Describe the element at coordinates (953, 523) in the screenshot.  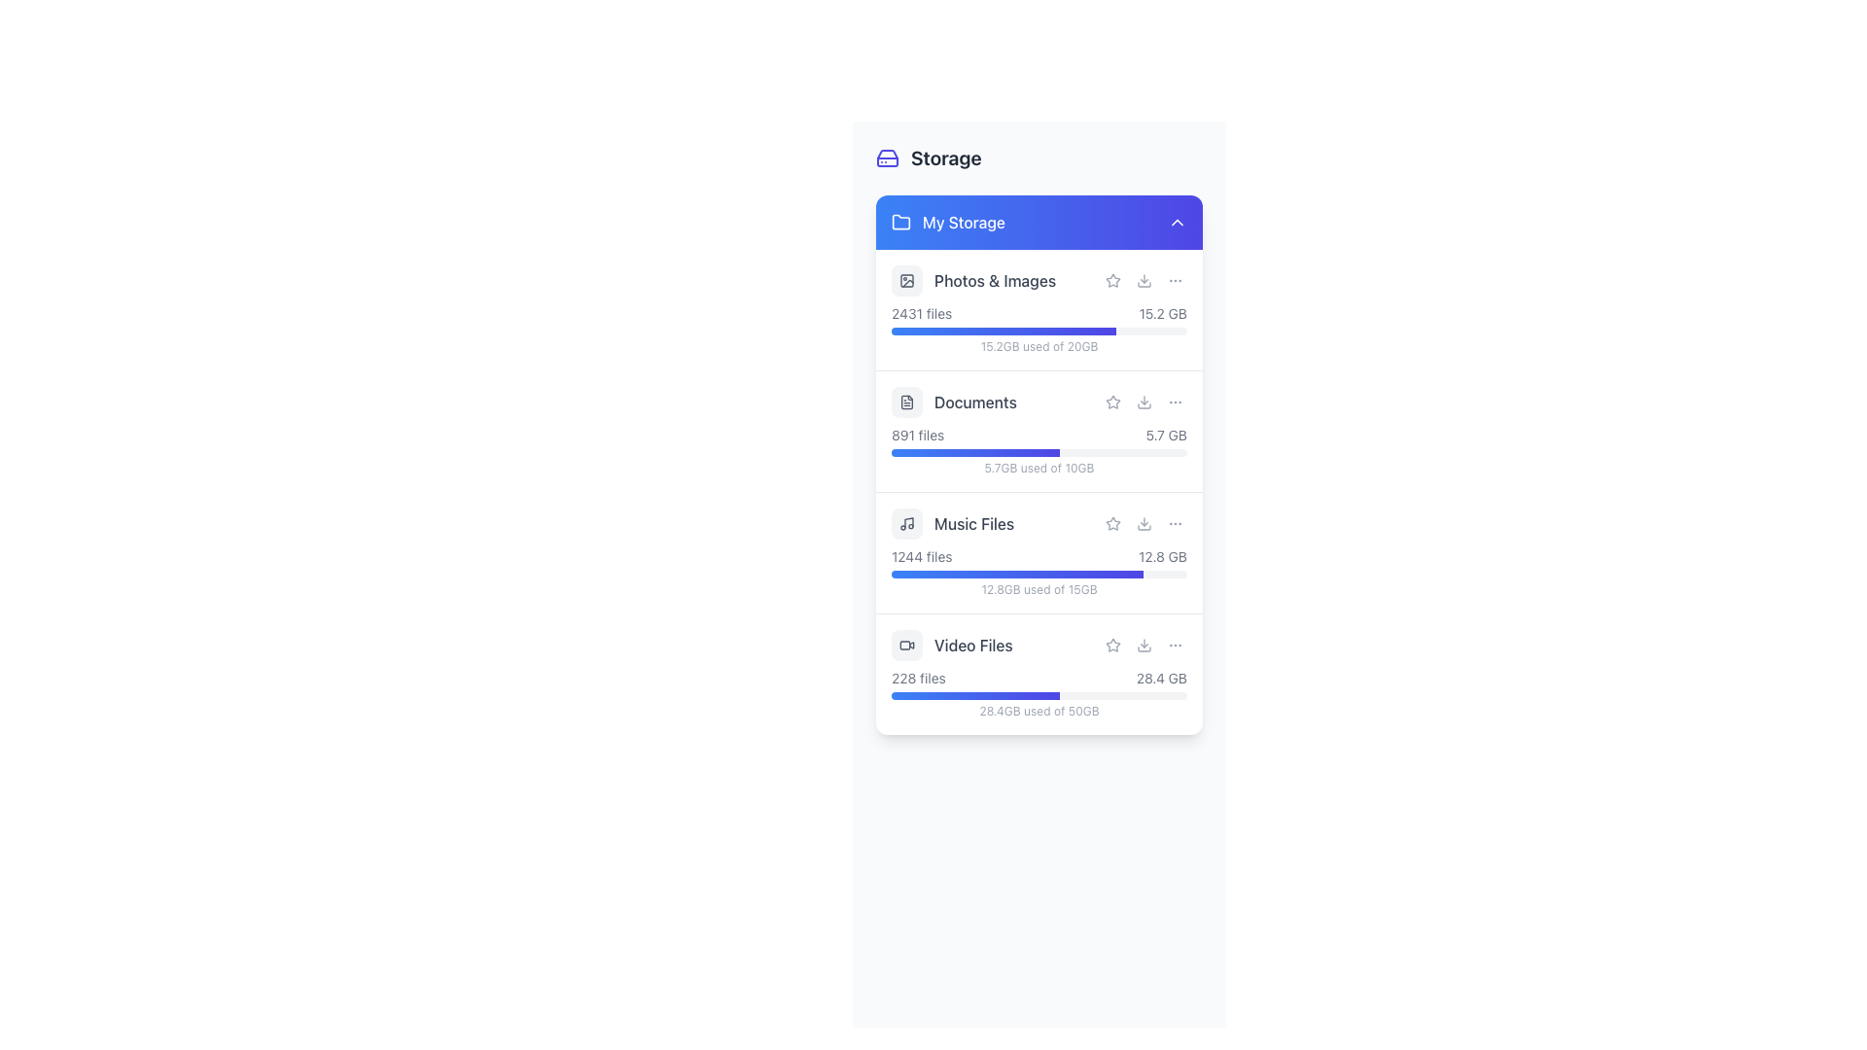
I see `the 'Music Files' label icon` at that location.